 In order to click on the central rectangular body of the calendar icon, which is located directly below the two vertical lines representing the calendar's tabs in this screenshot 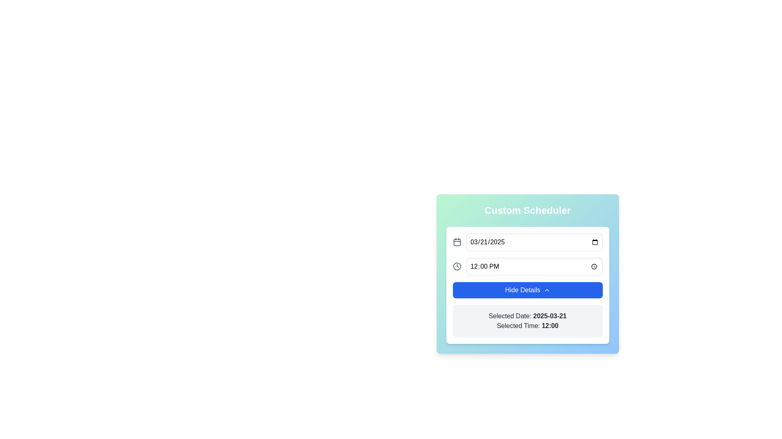, I will do `click(457, 242)`.